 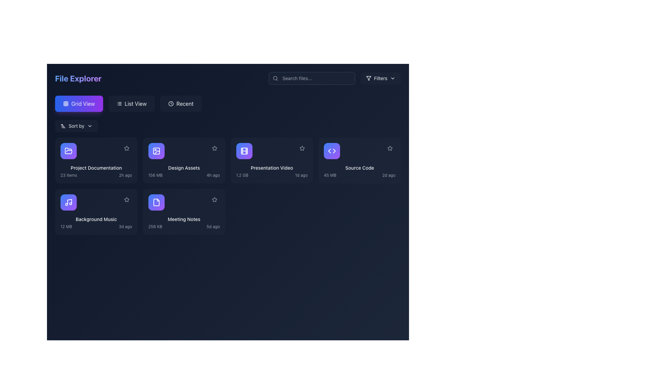 What do you see at coordinates (68, 202) in the screenshot?
I see `the 'Background Music' icon located in the top-left corner of the bottom-left card in the grid section` at bounding box center [68, 202].